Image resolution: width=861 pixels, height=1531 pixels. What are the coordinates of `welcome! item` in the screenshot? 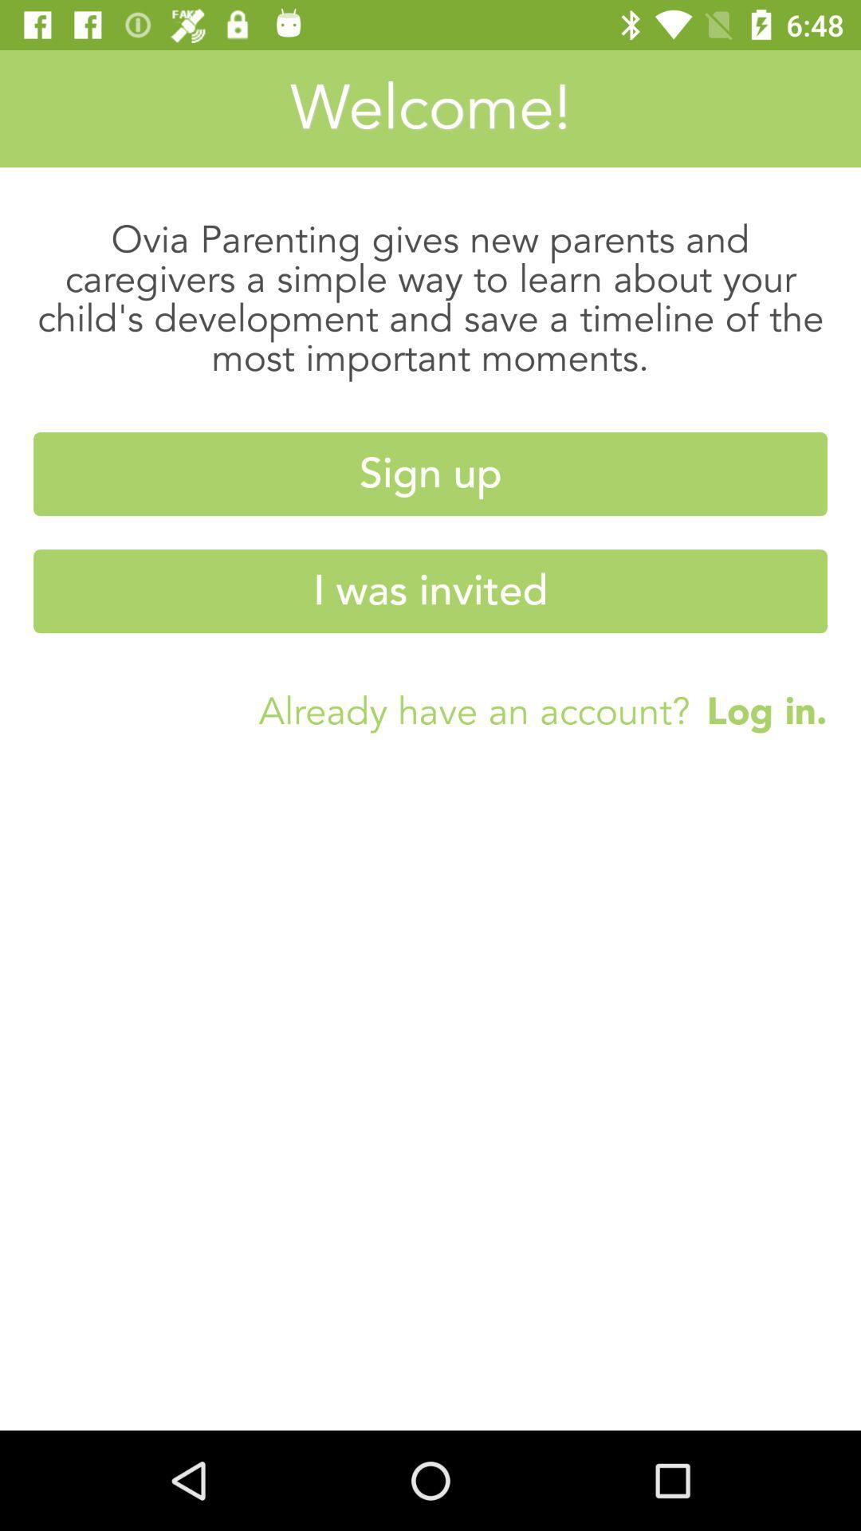 It's located at (431, 108).